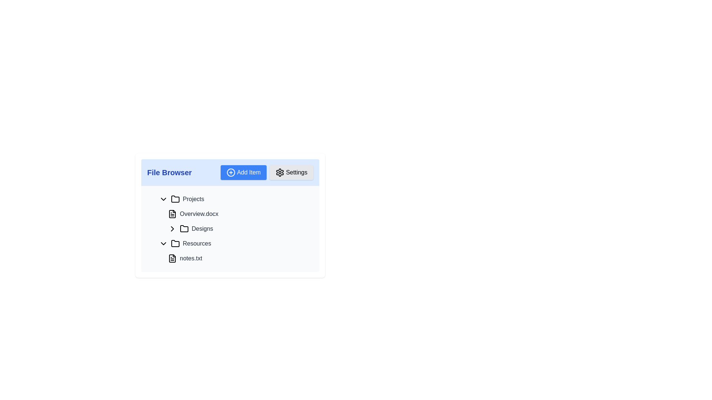 The width and height of the screenshot is (712, 400). Describe the element at coordinates (249, 173) in the screenshot. I see `the 'Add Item' button label` at that location.